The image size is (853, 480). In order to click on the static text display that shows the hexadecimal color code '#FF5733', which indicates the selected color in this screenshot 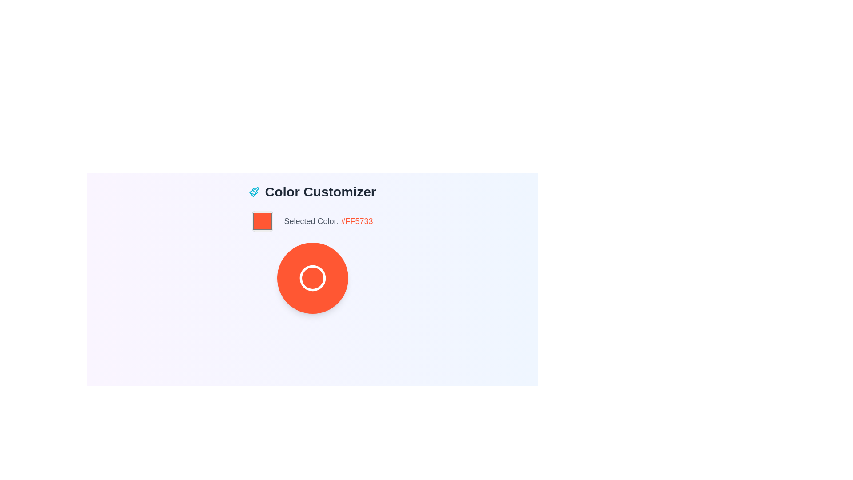, I will do `click(357, 220)`.